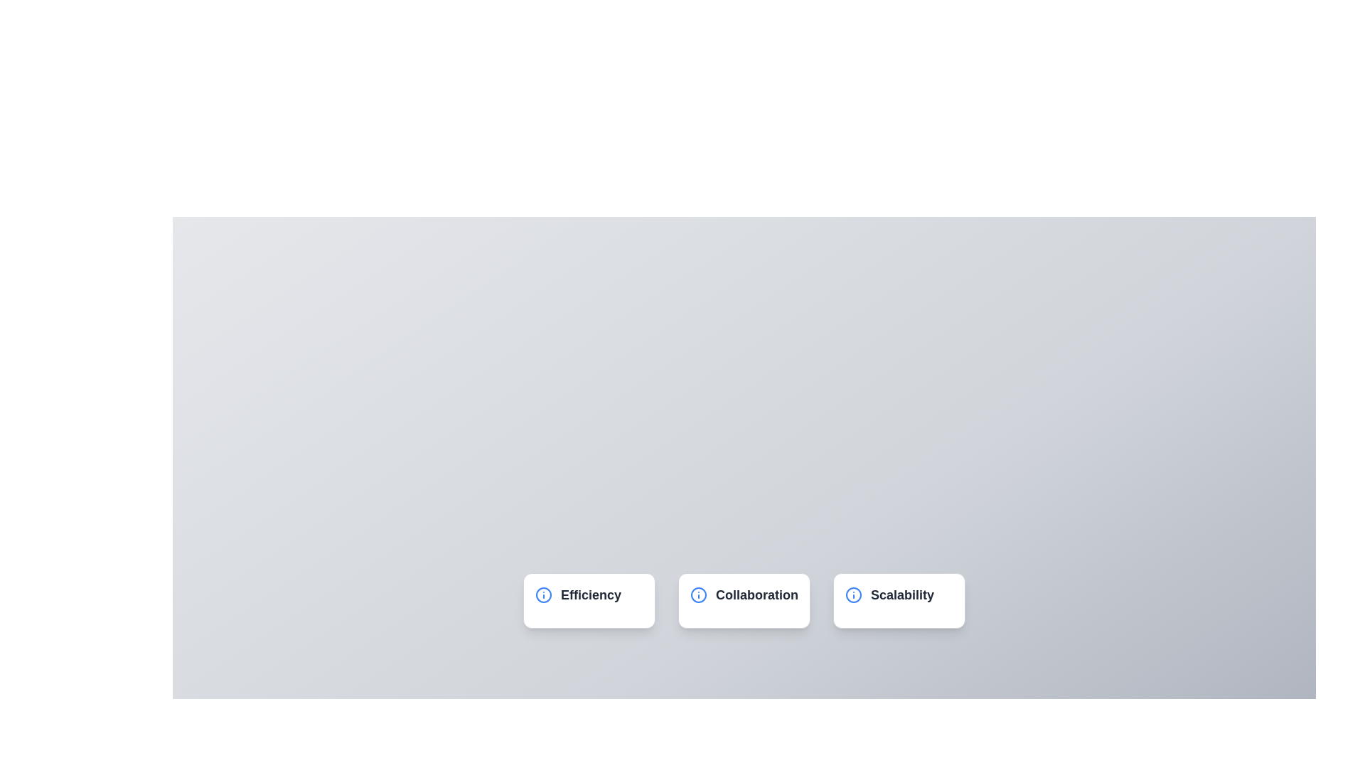 The image size is (1365, 768). Describe the element at coordinates (699, 595) in the screenshot. I see `the blue circular icon with a white border, which is part of an information symbol icon set, located above the text 'Efficiency'` at that location.